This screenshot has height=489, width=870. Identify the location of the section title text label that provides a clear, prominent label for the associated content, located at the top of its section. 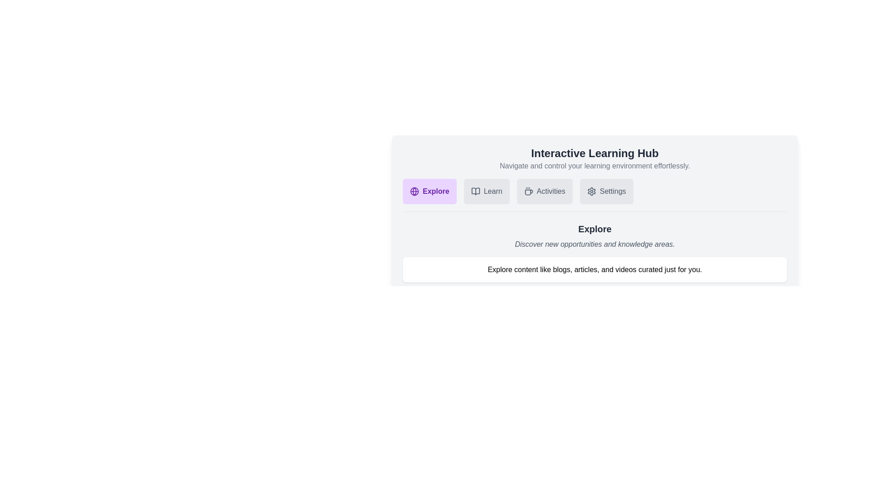
(595, 153).